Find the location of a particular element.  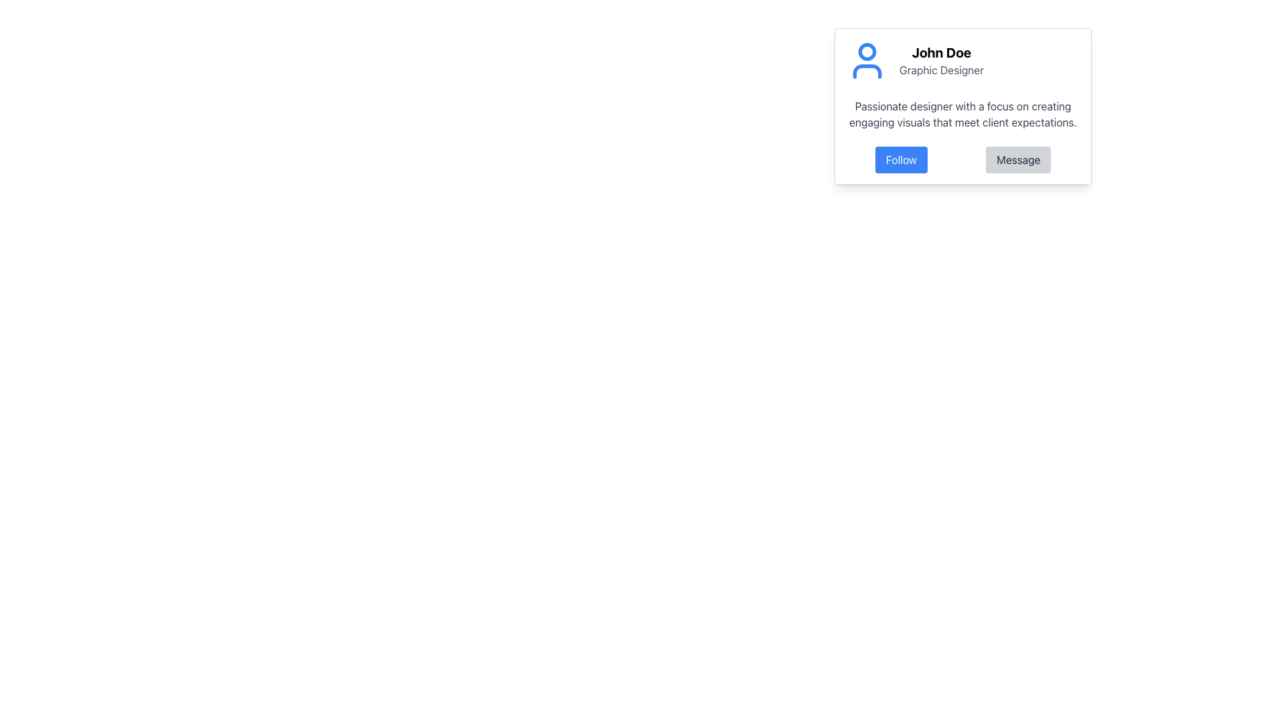

the 'Follow' button with a blue background and white text is located at coordinates (901, 159).